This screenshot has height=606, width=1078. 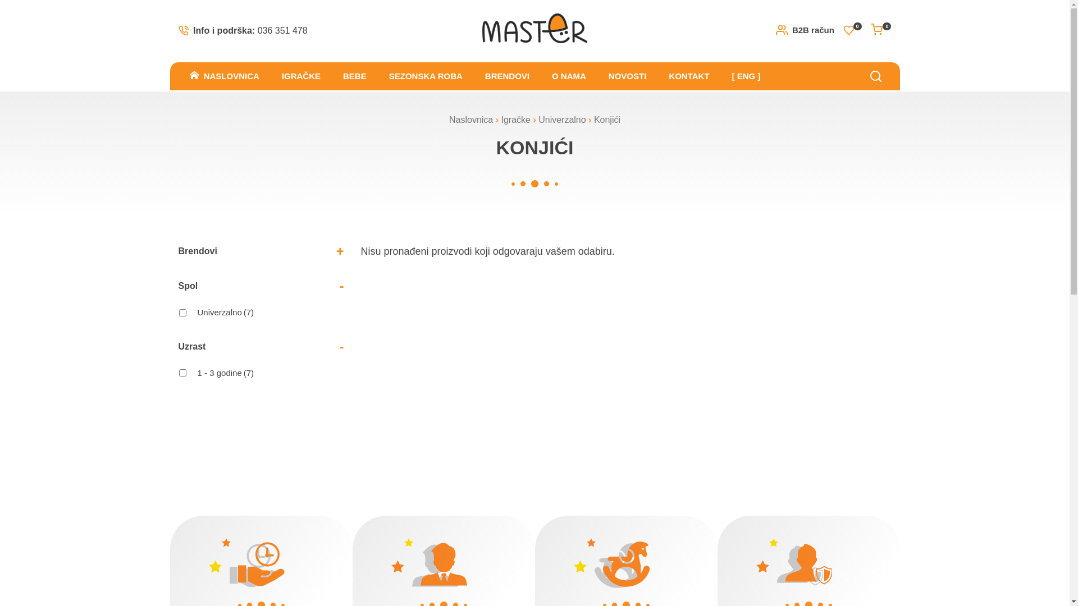 What do you see at coordinates (177, 76) in the screenshot?
I see `'NASLOVNICA'` at bounding box center [177, 76].